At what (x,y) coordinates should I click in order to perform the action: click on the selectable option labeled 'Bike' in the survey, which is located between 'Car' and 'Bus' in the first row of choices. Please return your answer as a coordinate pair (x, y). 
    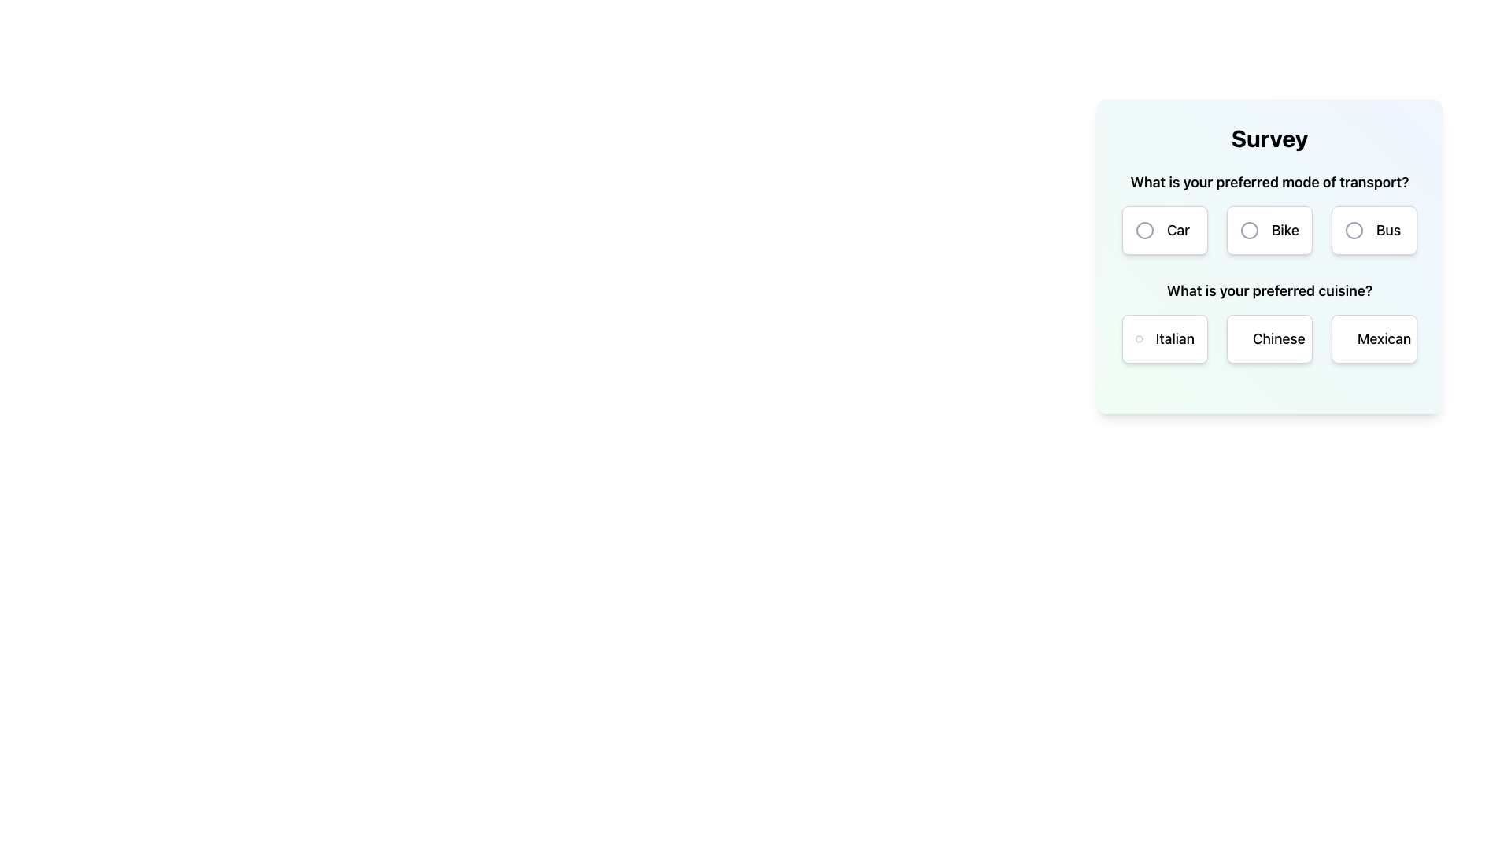
    Looking at the image, I should click on (1285, 231).